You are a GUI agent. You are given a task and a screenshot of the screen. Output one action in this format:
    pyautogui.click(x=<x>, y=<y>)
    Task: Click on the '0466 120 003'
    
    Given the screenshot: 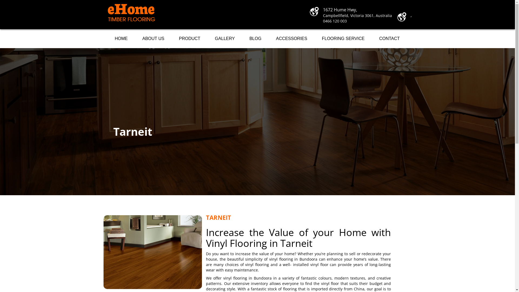 What is the action you would take?
    pyautogui.click(x=334, y=21)
    